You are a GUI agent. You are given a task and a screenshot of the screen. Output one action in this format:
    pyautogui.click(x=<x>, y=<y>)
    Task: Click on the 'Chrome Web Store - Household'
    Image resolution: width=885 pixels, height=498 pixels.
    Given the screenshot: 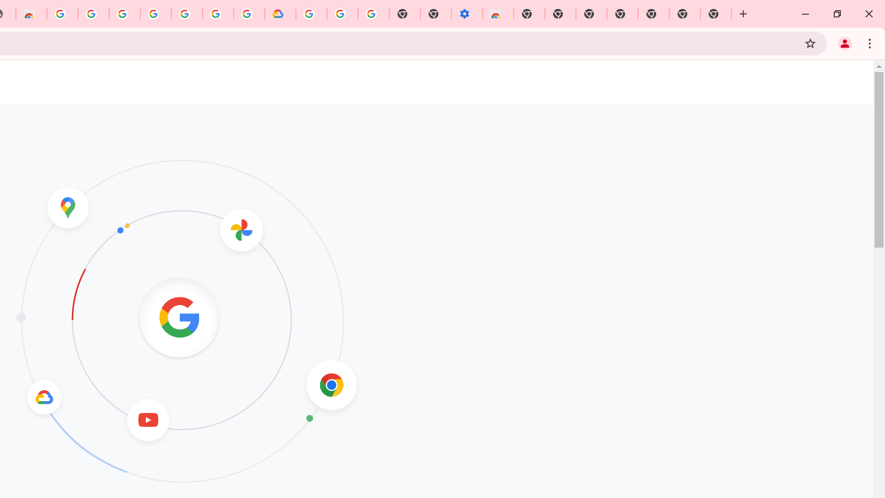 What is the action you would take?
    pyautogui.click(x=31, y=14)
    